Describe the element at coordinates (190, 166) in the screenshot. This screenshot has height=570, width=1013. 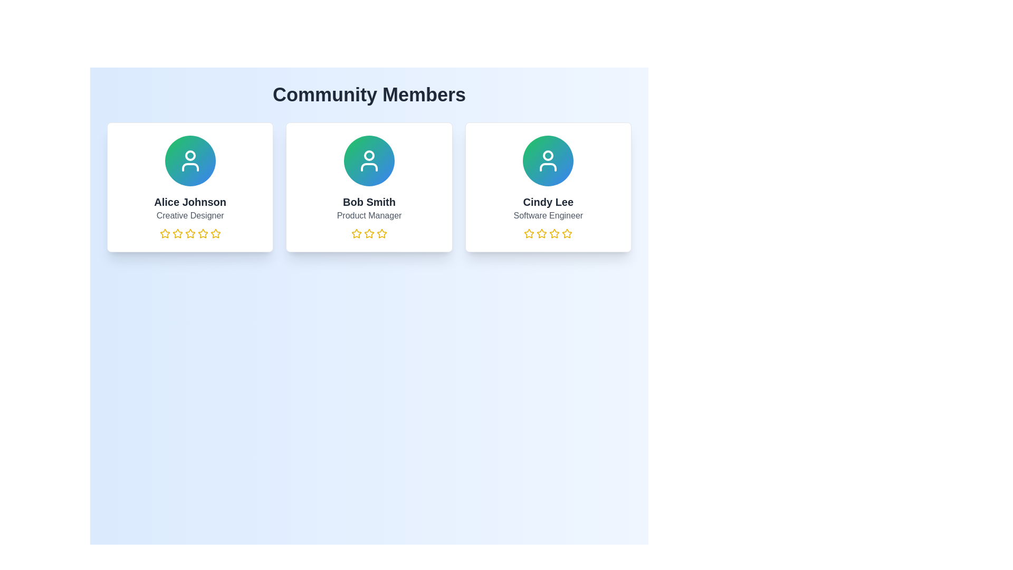
I see `the torso part of the user icon representing 'Alice Johnson' in the top-left card of the community member profiles` at that location.